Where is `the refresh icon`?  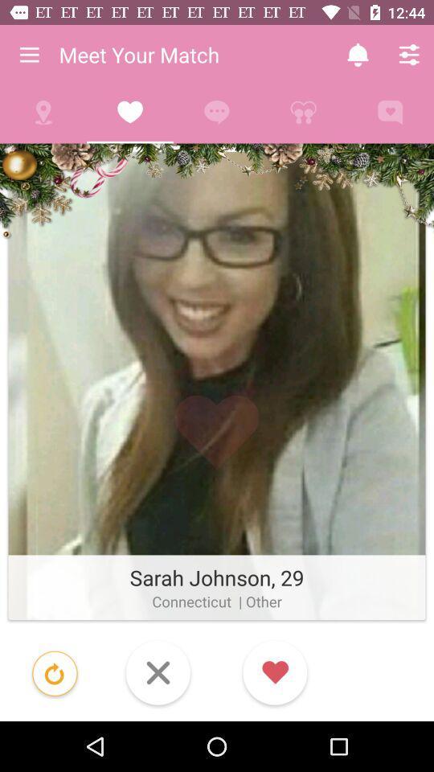 the refresh icon is located at coordinates (54, 675).